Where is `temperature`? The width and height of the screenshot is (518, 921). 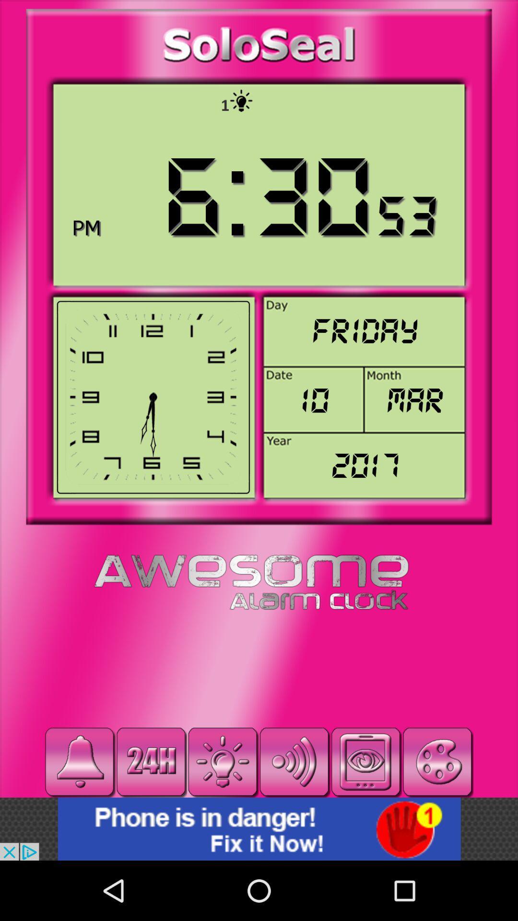 temperature is located at coordinates (223, 761).